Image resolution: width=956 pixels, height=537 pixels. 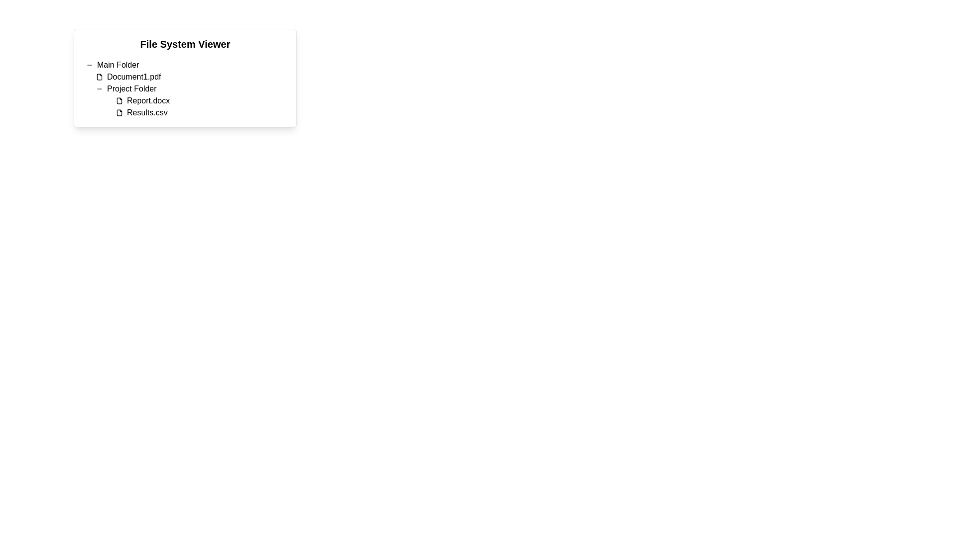 What do you see at coordinates (146, 112) in the screenshot?
I see `the text label displaying 'Results.csv' located under the 'Project Folder' section in the hierarchical file viewer interface, which is the second item below 'Report.docx'` at bounding box center [146, 112].